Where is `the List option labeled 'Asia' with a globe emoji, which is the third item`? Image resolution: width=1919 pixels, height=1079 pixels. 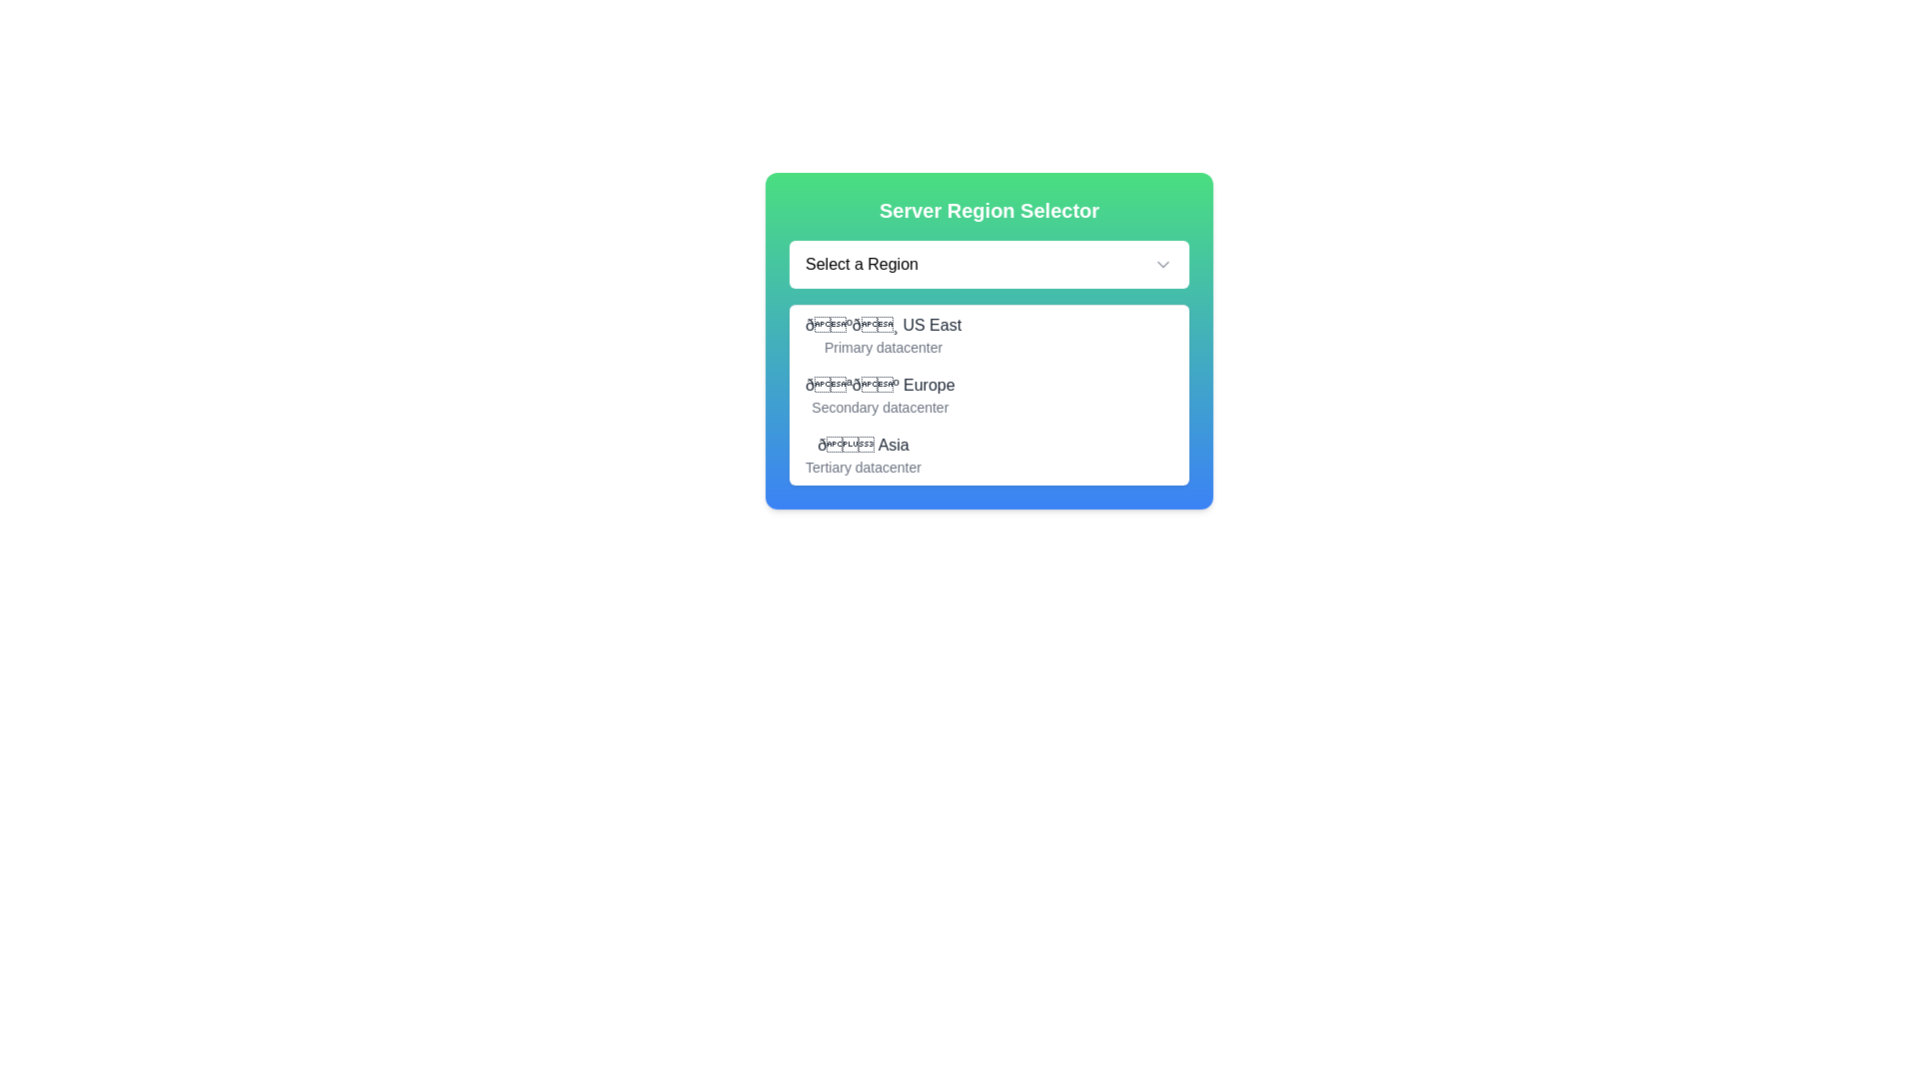
the List option labeled 'Asia' with a globe emoji, which is the third item is located at coordinates (988, 455).